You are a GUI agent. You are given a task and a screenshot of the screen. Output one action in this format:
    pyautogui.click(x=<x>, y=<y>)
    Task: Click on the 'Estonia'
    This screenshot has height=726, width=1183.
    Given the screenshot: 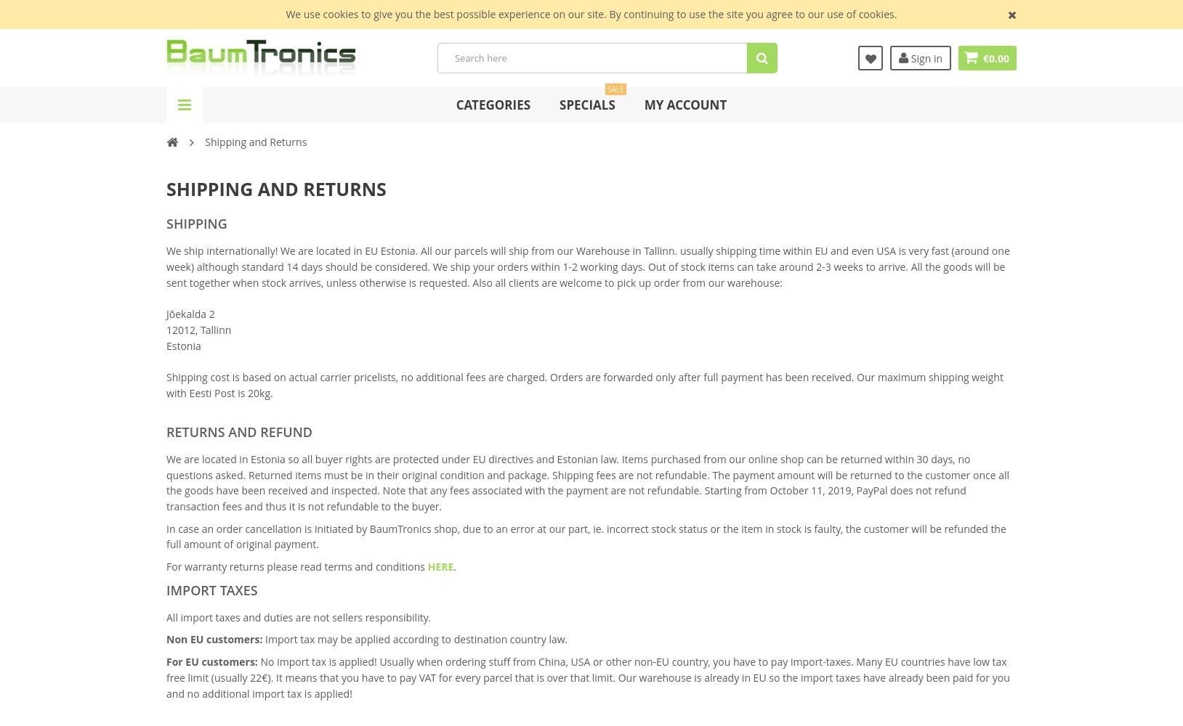 What is the action you would take?
    pyautogui.click(x=183, y=344)
    